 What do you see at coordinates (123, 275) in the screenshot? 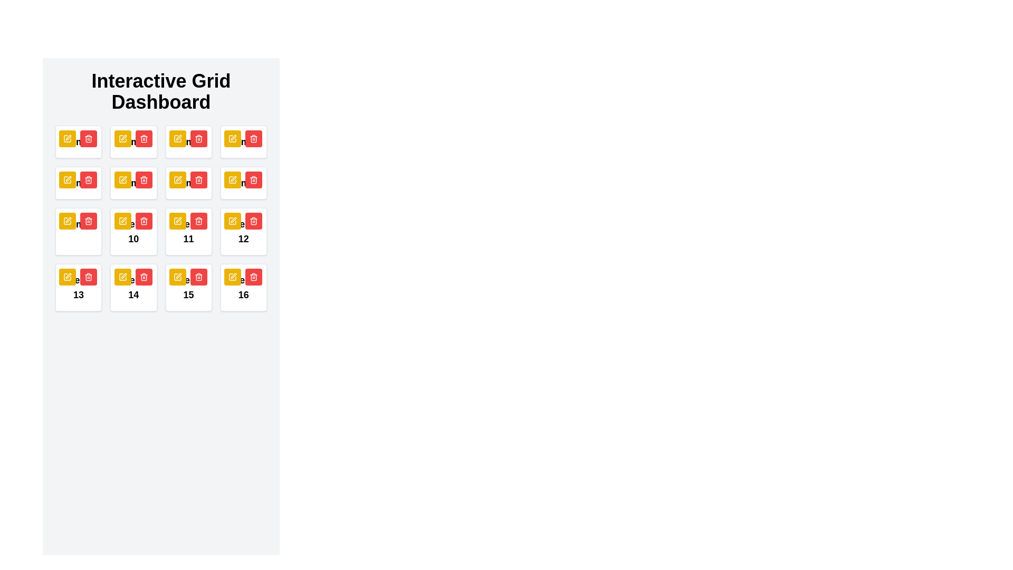
I see `the pen icon button, which is part of the interactive editing feature located in the 14th card of a grid layout` at bounding box center [123, 275].